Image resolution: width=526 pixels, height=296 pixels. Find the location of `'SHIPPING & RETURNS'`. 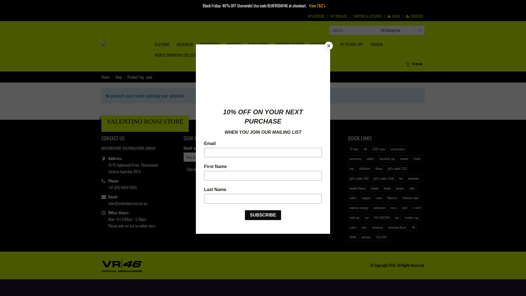

'SHIPPING & RETURNS' is located at coordinates (367, 16).